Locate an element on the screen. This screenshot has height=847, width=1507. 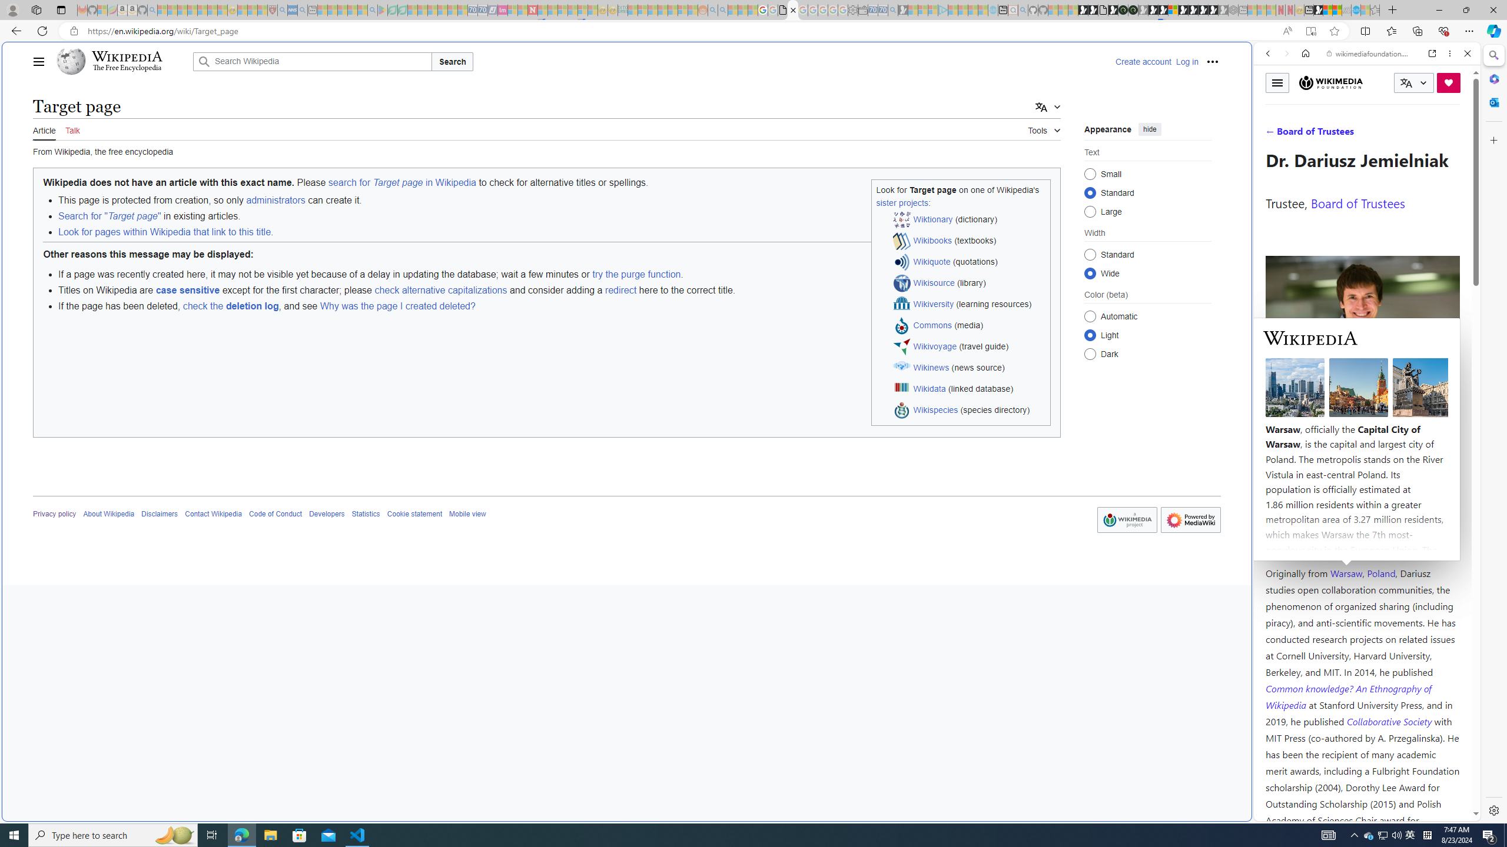
'Wide' is located at coordinates (1090, 272).